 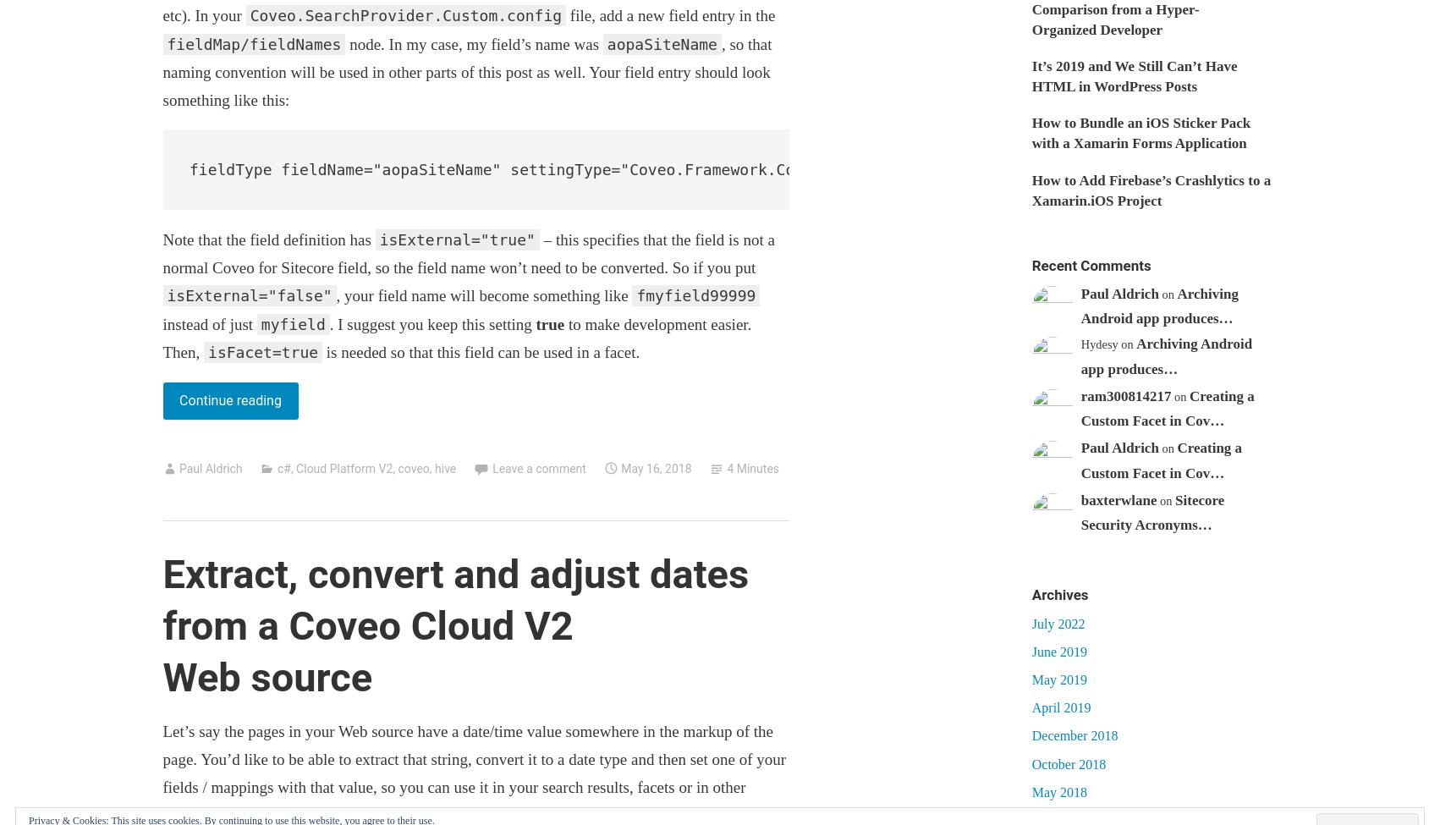 What do you see at coordinates (1058, 622) in the screenshot?
I see `'July 2022'` at bounding box center [1058, 622].